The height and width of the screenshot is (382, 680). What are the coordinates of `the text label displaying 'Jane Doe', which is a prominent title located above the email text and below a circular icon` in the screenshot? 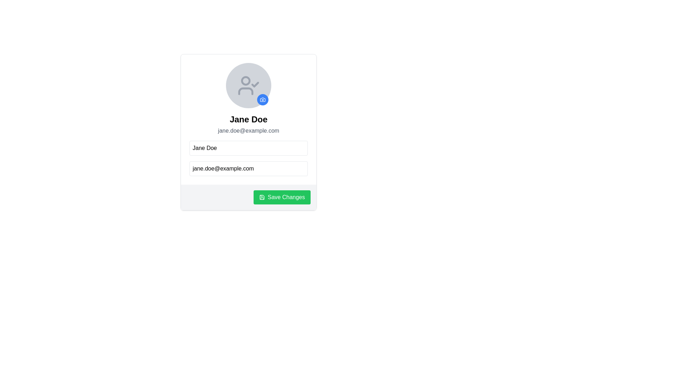 It's located at (248, 119).